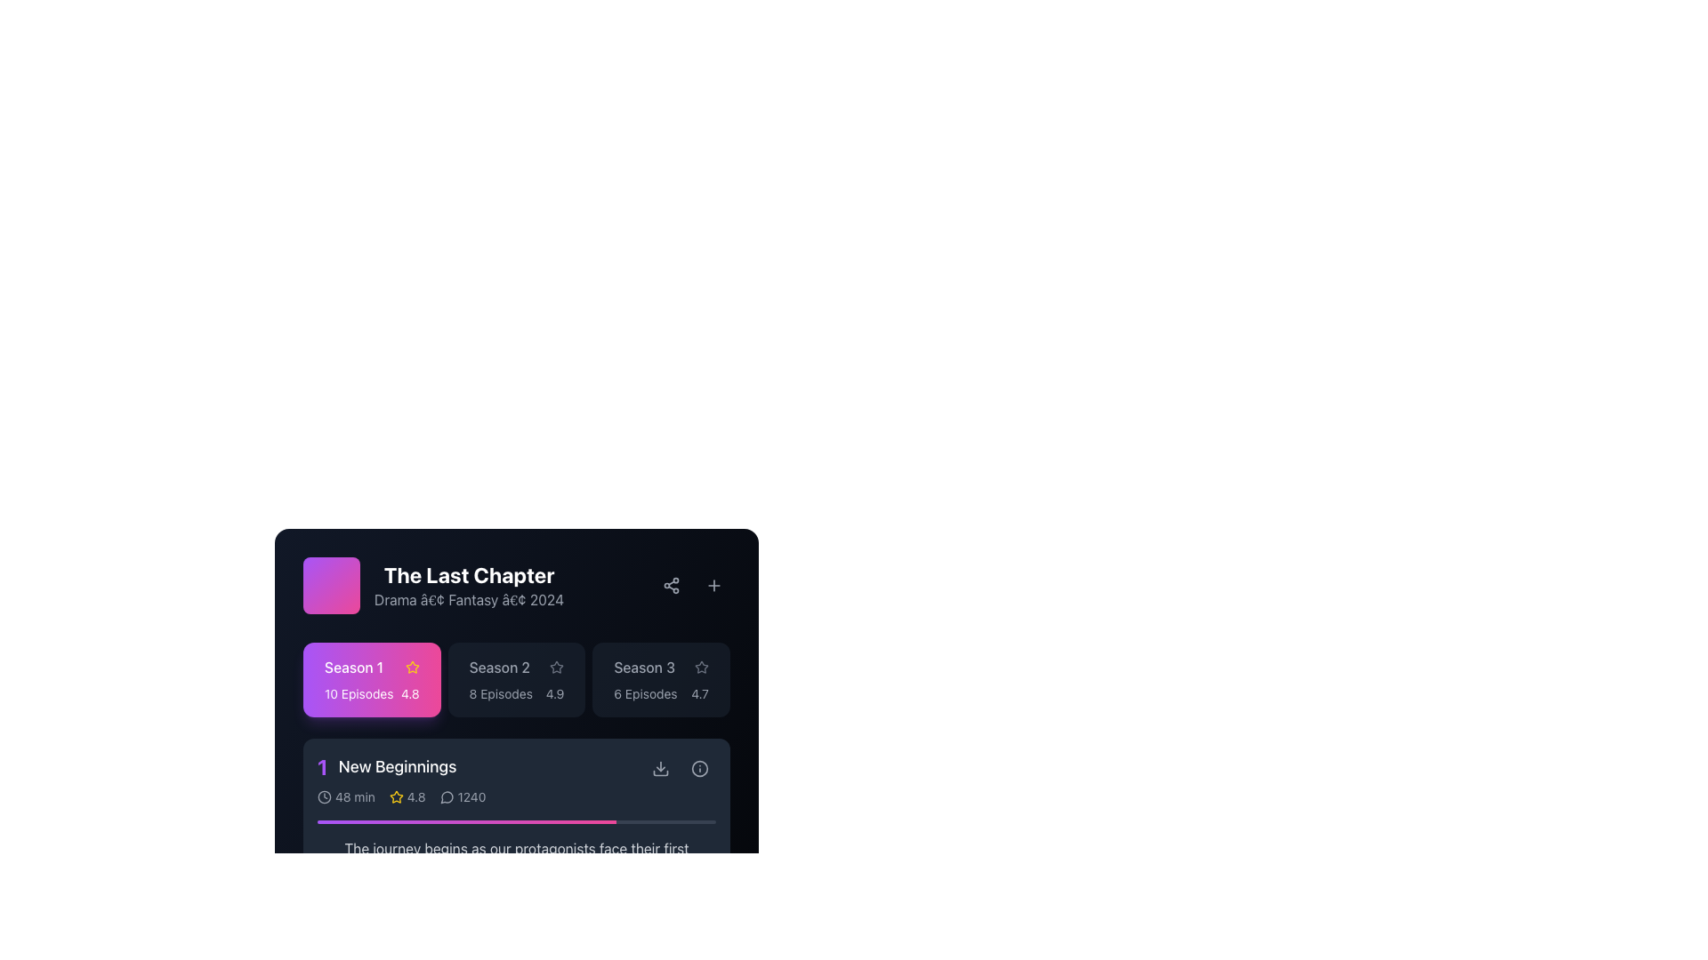  I want to click on the text display showing '4.7', which is positioned in the top-right segment of the 'Season 3' section box, next to a star icon, so click(699, 692).